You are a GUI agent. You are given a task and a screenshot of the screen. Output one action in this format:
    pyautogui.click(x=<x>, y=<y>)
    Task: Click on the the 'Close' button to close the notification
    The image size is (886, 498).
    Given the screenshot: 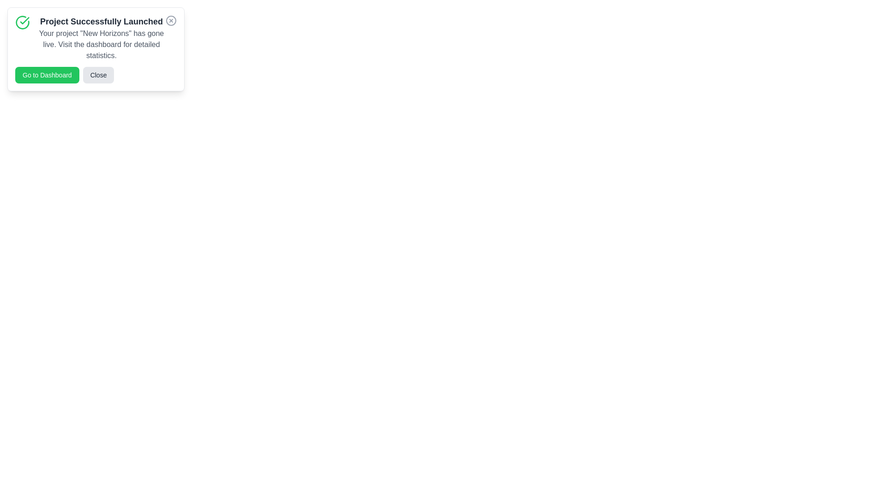 What is the action you would take?
    pyautogui.click(x=98, y=74)
    